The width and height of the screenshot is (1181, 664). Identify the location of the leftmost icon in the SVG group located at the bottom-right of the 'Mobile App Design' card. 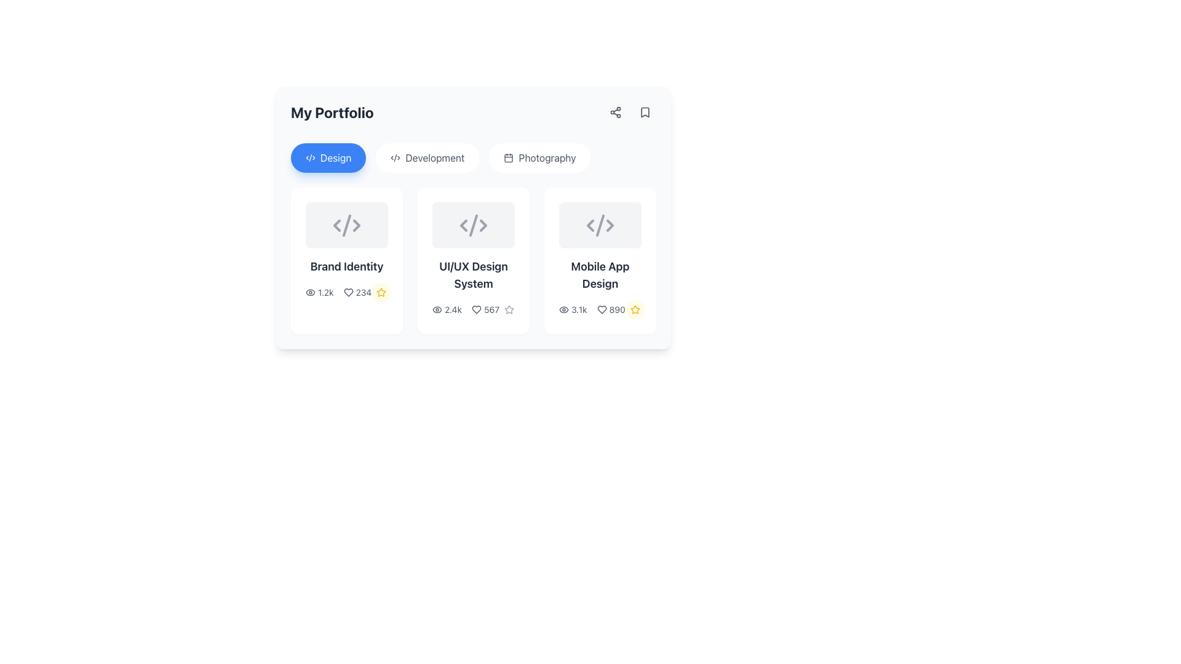
(590, 225).